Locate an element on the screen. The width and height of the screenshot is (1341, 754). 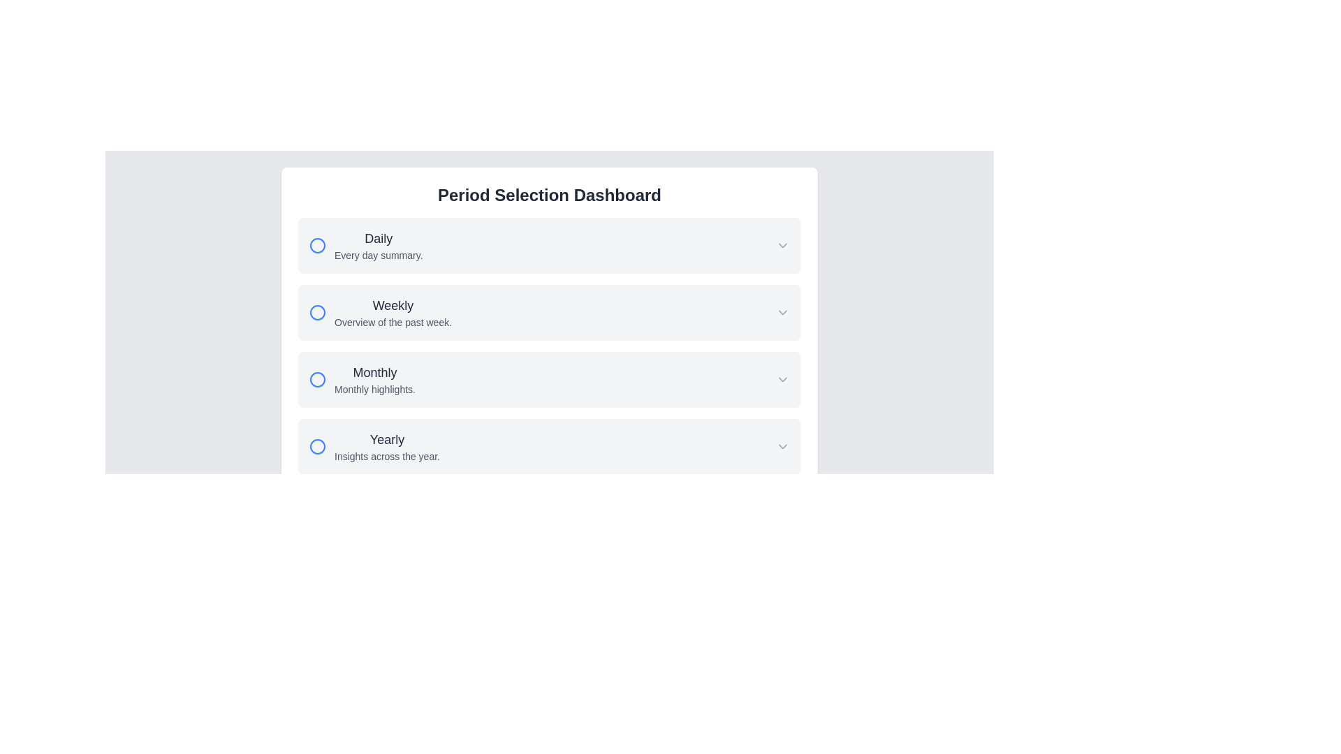
the downward-pointing chevron icon on the far right side of the 'Daily' item row is located at coordinates (783, 244).